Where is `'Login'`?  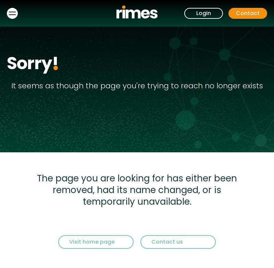 'Login' is located at coordinates (203, 13).